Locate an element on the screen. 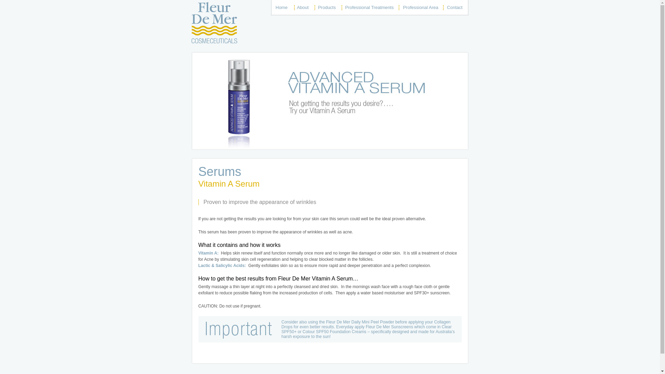 Image resolution: width=665 pixels, height=374 pixels. 'Products' is located at coordinates (326, 7).